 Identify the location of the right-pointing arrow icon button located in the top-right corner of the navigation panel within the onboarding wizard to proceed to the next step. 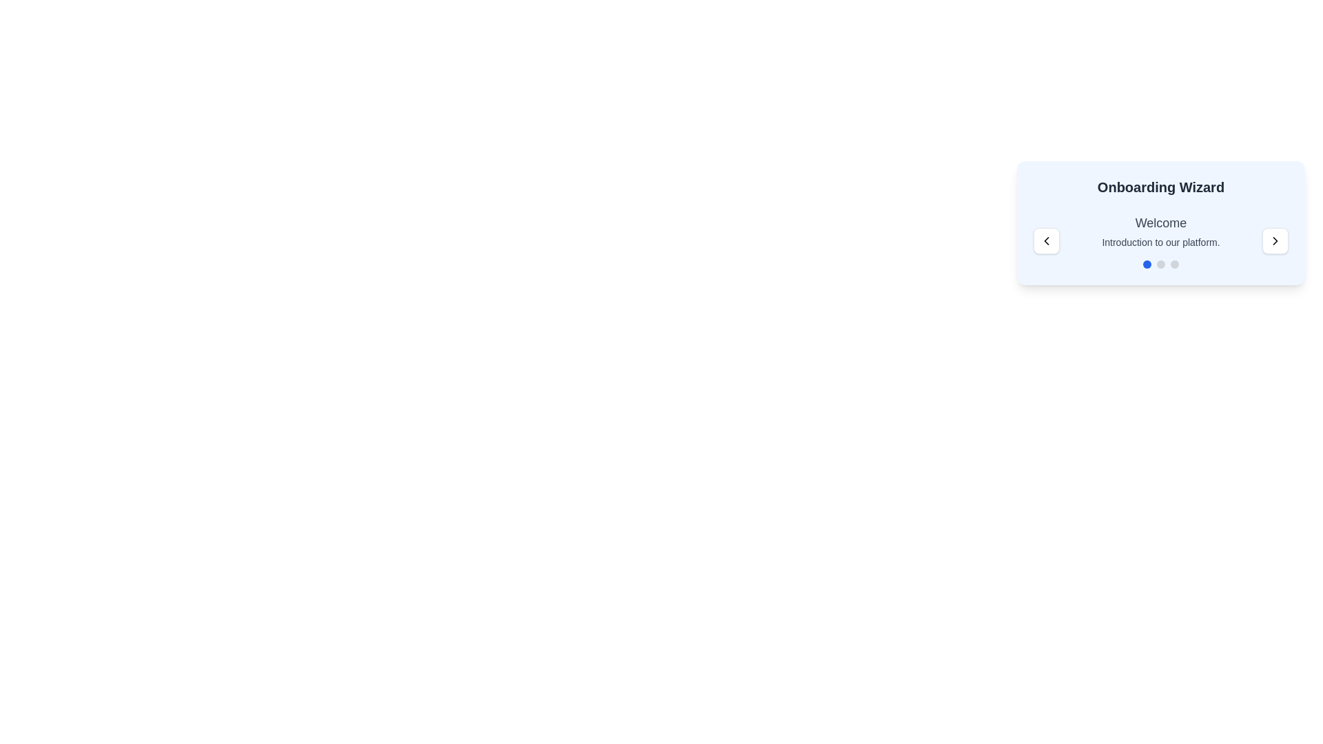
(1275, 240).